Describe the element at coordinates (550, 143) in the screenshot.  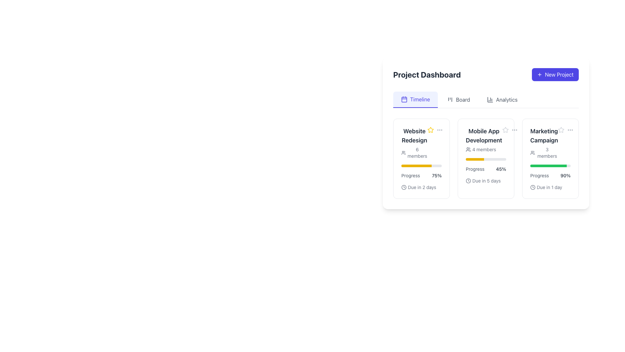
I see `information displayed in the text and icon combination that shows the title of the marketing campaign and the number of members associated with it, located in the topmost section of the 'Marketing Campaign' card in the Project Dashboard` at that location.